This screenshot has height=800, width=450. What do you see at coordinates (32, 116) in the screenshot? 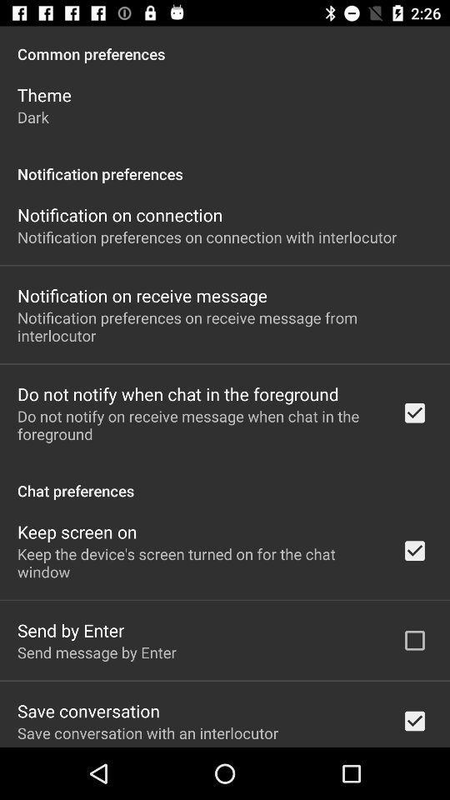
I see `icon above notification preferences item` at bounding box center [32, 116].